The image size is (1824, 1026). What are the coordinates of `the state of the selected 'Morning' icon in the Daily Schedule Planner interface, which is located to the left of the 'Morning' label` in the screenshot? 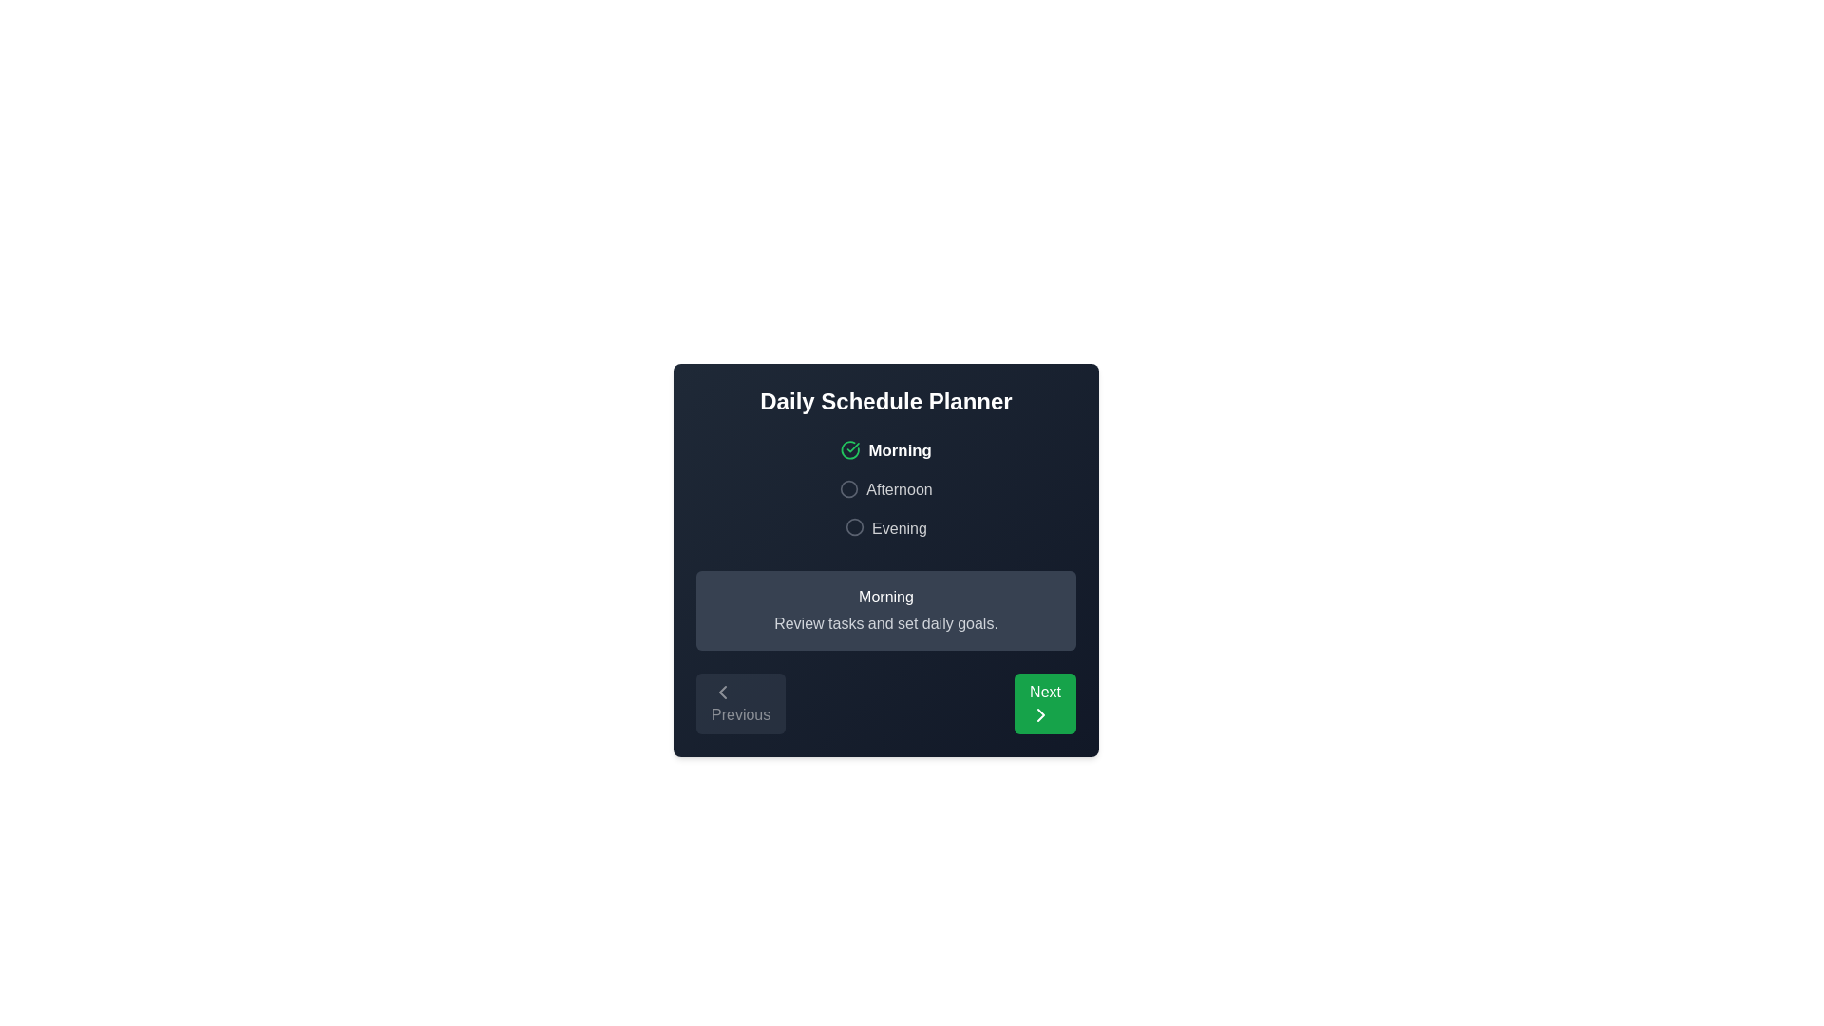 It's located at (849, 449).